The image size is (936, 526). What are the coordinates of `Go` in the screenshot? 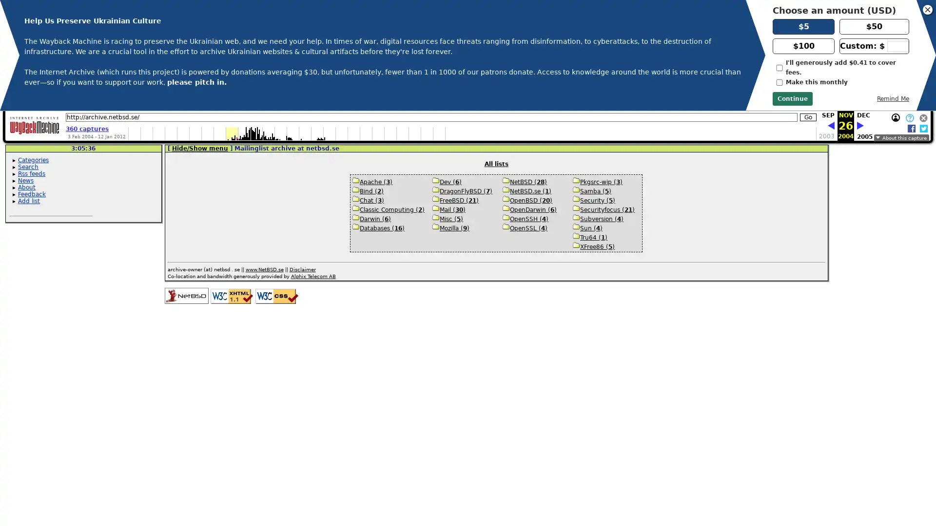 It's located at (808, 116).